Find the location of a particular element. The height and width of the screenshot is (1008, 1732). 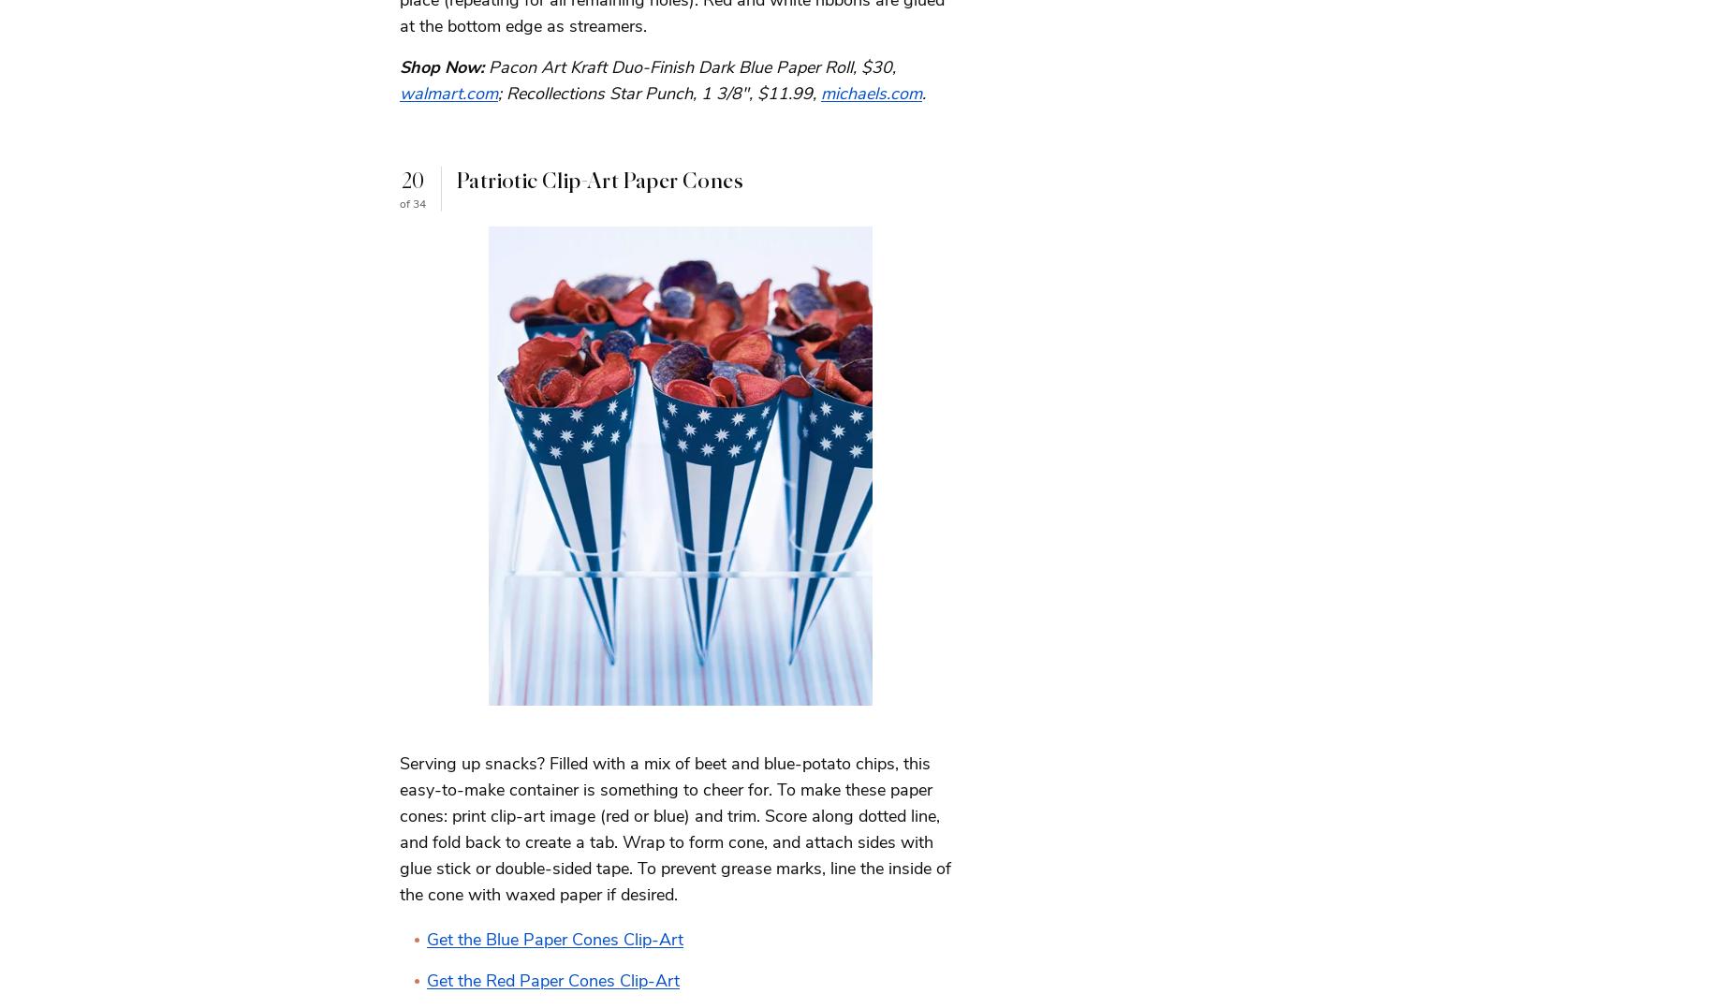

'of 34' is located at coordinates (398, 203).